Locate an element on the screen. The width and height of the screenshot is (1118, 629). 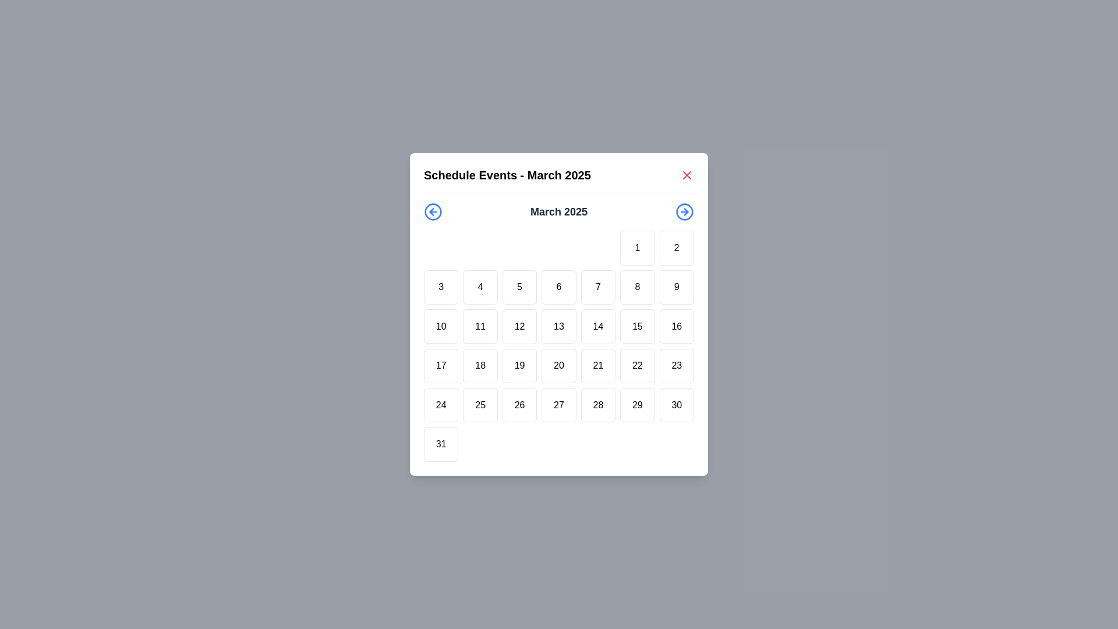
the 12th day button in the calendar view is located at coordinates (519, 326).